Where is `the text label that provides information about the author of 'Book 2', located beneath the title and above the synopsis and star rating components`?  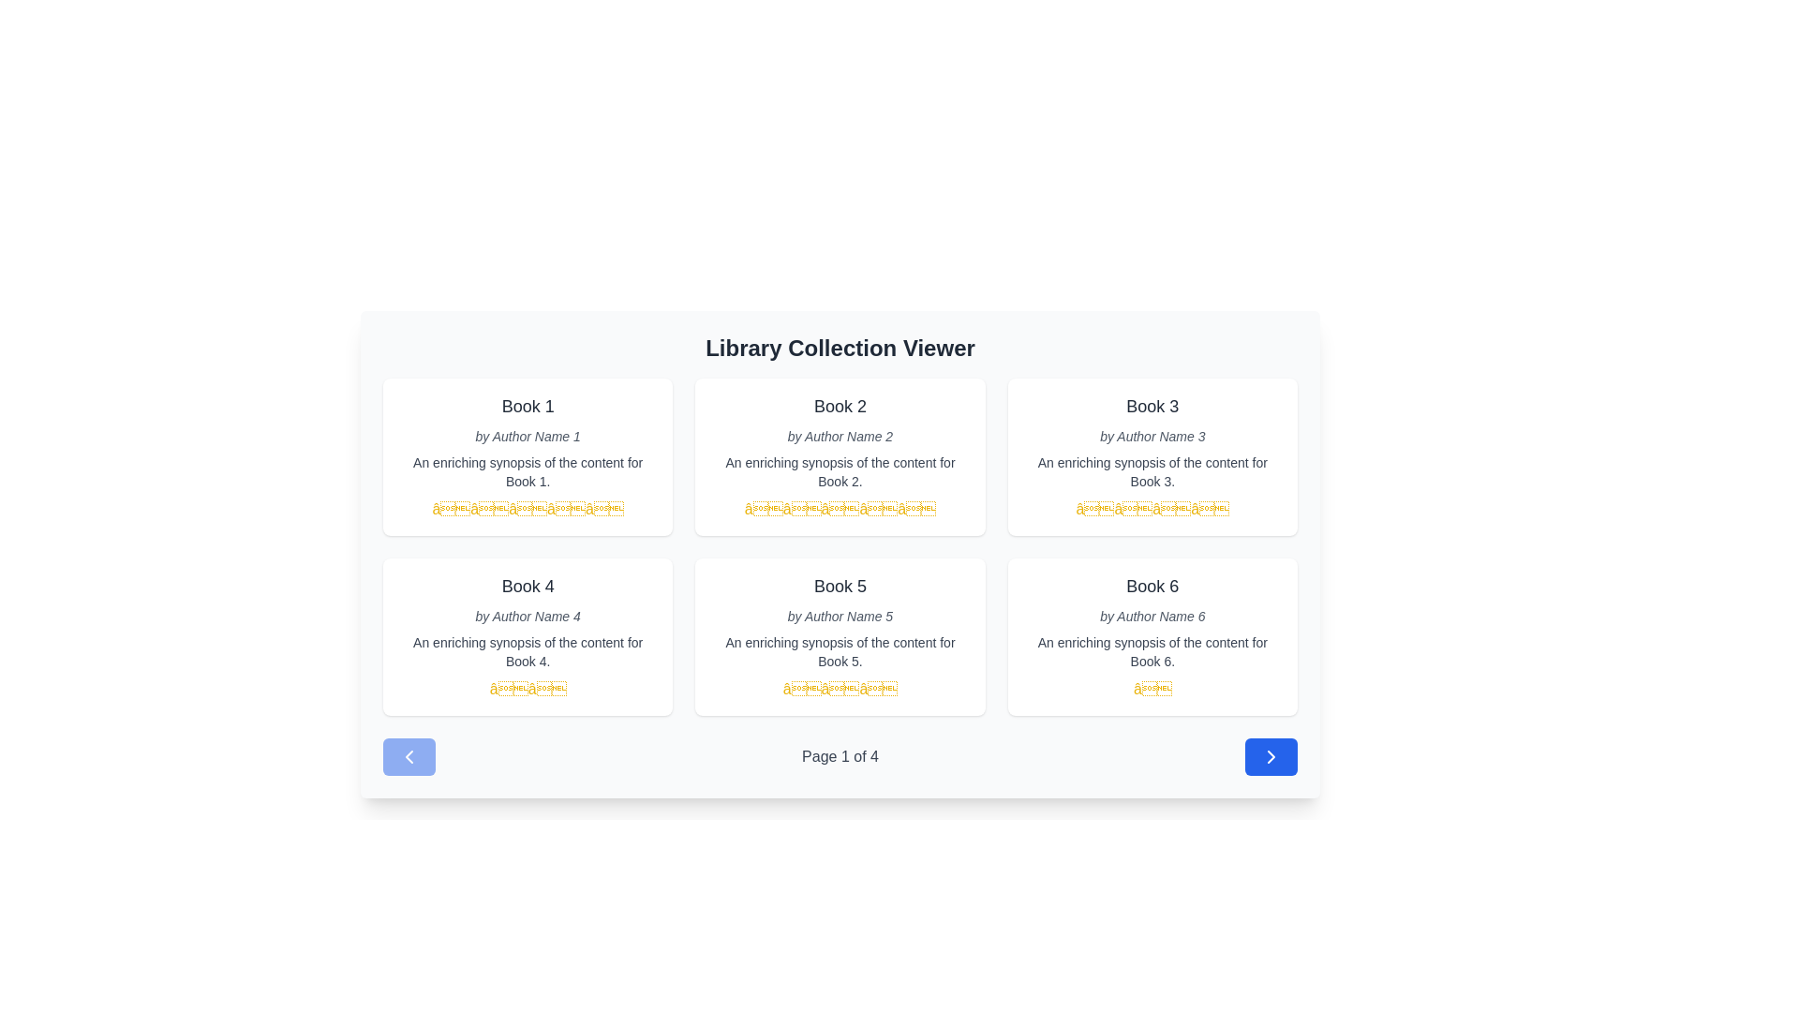 the text label that provides information about the author of 'Book 2', located beneath the title and above the synopsis and star rating components is located at coordinates (840, 437).